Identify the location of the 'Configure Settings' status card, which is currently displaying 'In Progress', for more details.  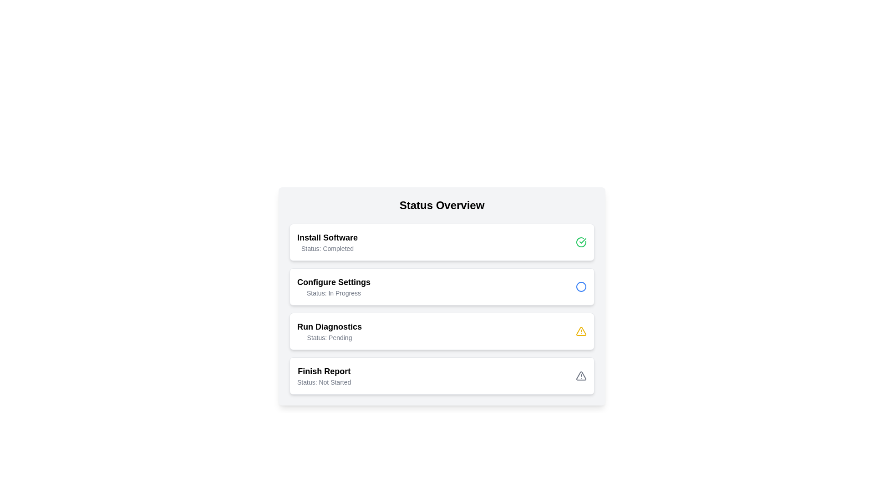
(442, 296).